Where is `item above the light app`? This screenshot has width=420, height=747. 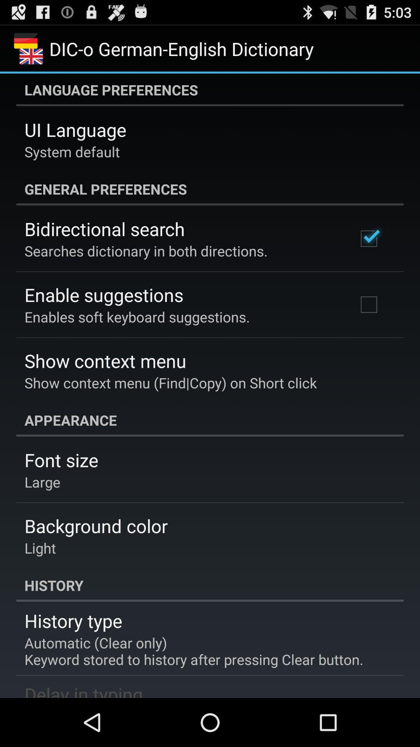
item above the light app is located at coordinates (96, 526).